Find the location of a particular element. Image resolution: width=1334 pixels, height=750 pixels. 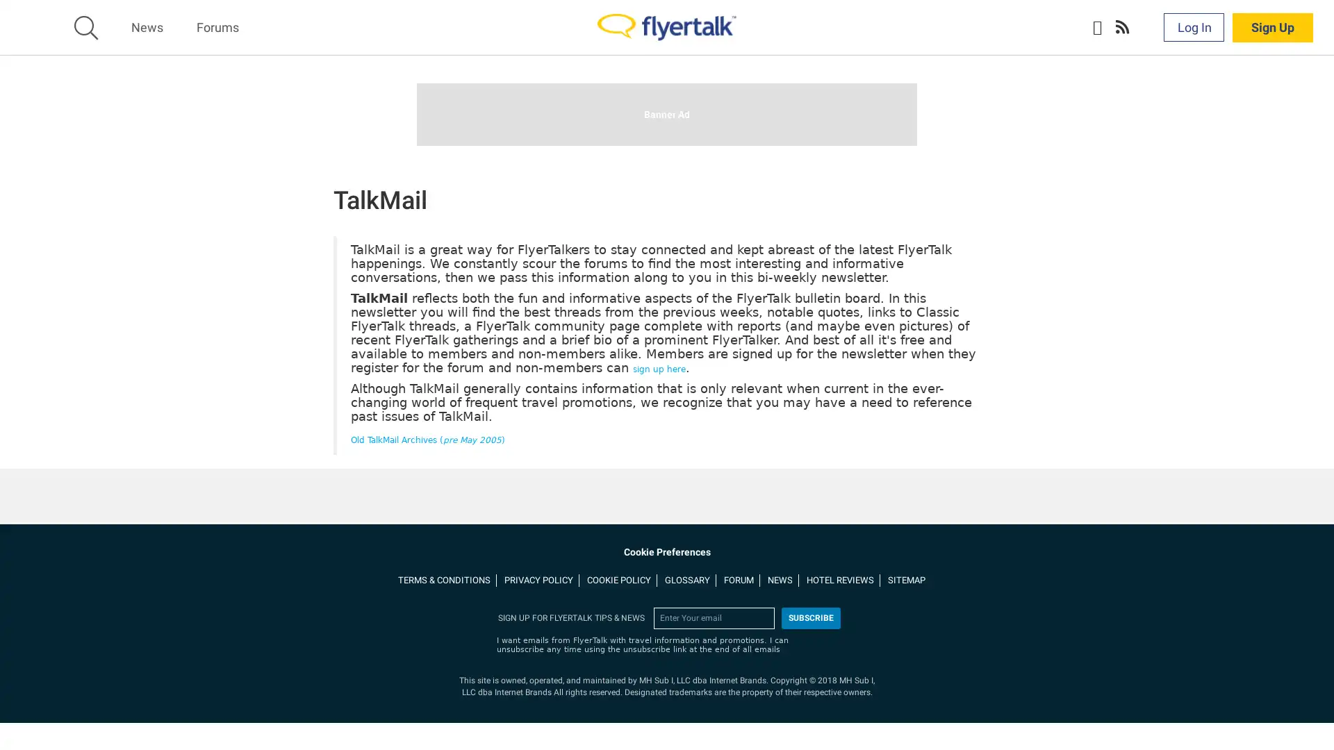

More Information is located at coordinates (782, 721).